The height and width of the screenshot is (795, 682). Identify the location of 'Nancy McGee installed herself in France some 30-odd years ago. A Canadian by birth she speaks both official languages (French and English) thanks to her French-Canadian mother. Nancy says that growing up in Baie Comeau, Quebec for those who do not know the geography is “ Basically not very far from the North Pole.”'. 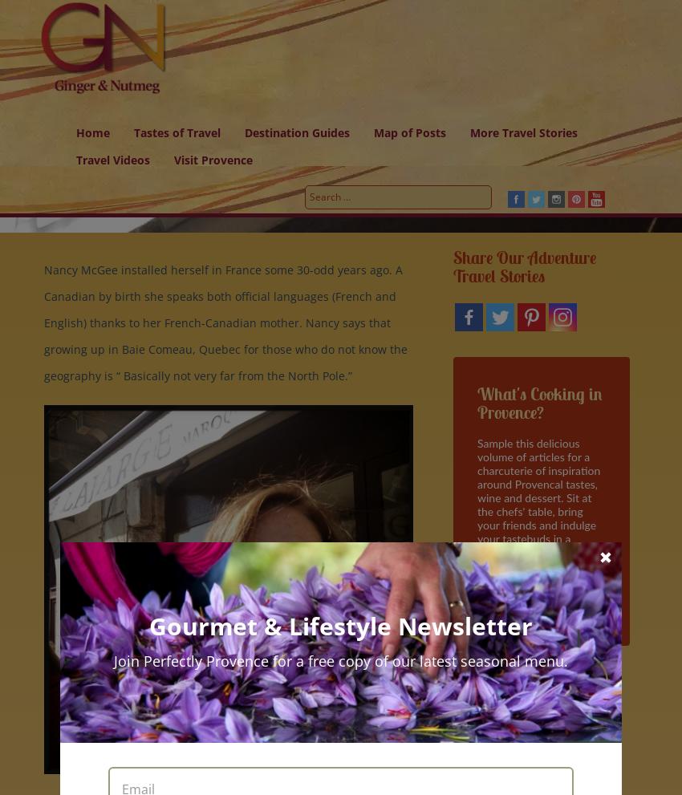
(225, 322).